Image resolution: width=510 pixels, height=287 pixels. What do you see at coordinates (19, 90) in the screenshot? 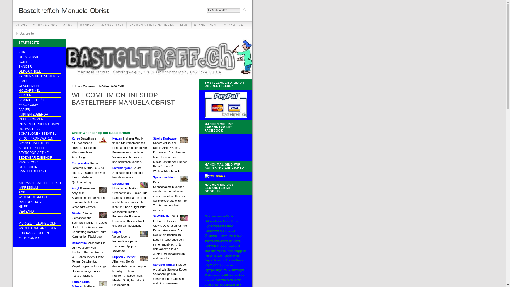
I see `'HOLZARTIKEL'` at bounding box center [19, 90].